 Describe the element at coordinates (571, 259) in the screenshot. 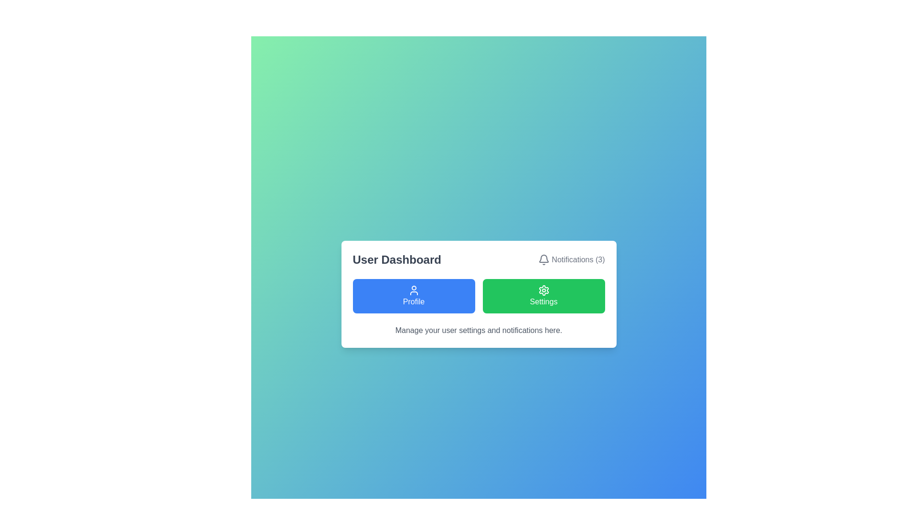

I see `the notifications indicator button located in the top-right area of the User Dashboard. This button has an icon and text composite that allows users to manage their notifications` at that location.